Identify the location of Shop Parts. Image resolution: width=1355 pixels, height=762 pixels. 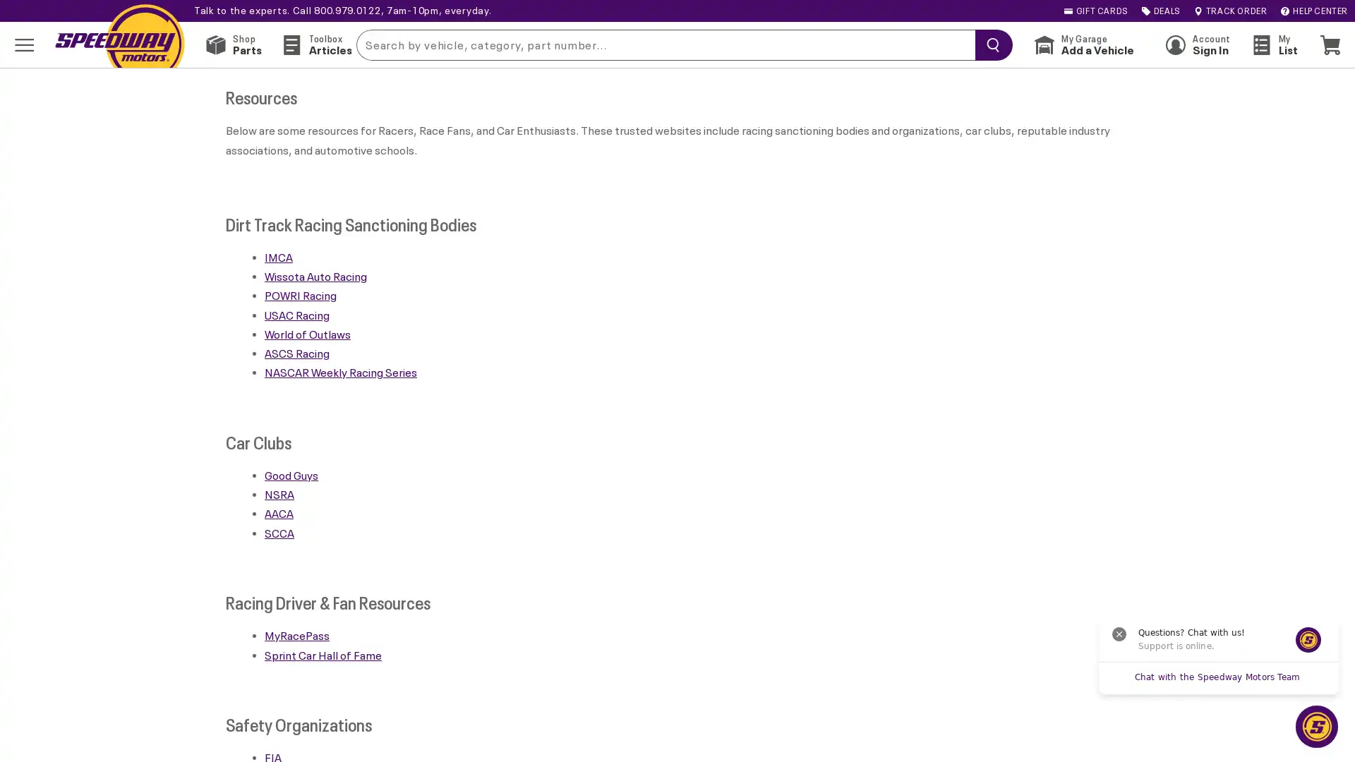
(234, 44).